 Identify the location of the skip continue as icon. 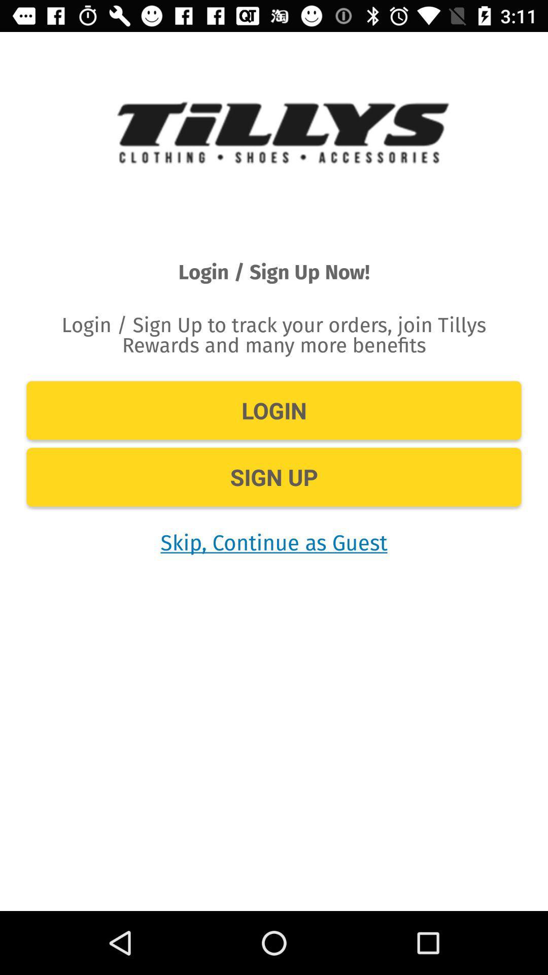
(274, 541).